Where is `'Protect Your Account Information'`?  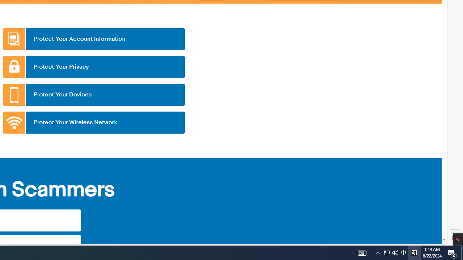
'Protect Your Account Information' is located at coordinates (93, 39).